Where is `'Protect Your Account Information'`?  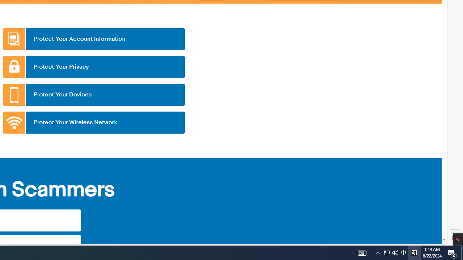
'Protect Your Account Information' is located at coordinates (93, 39).